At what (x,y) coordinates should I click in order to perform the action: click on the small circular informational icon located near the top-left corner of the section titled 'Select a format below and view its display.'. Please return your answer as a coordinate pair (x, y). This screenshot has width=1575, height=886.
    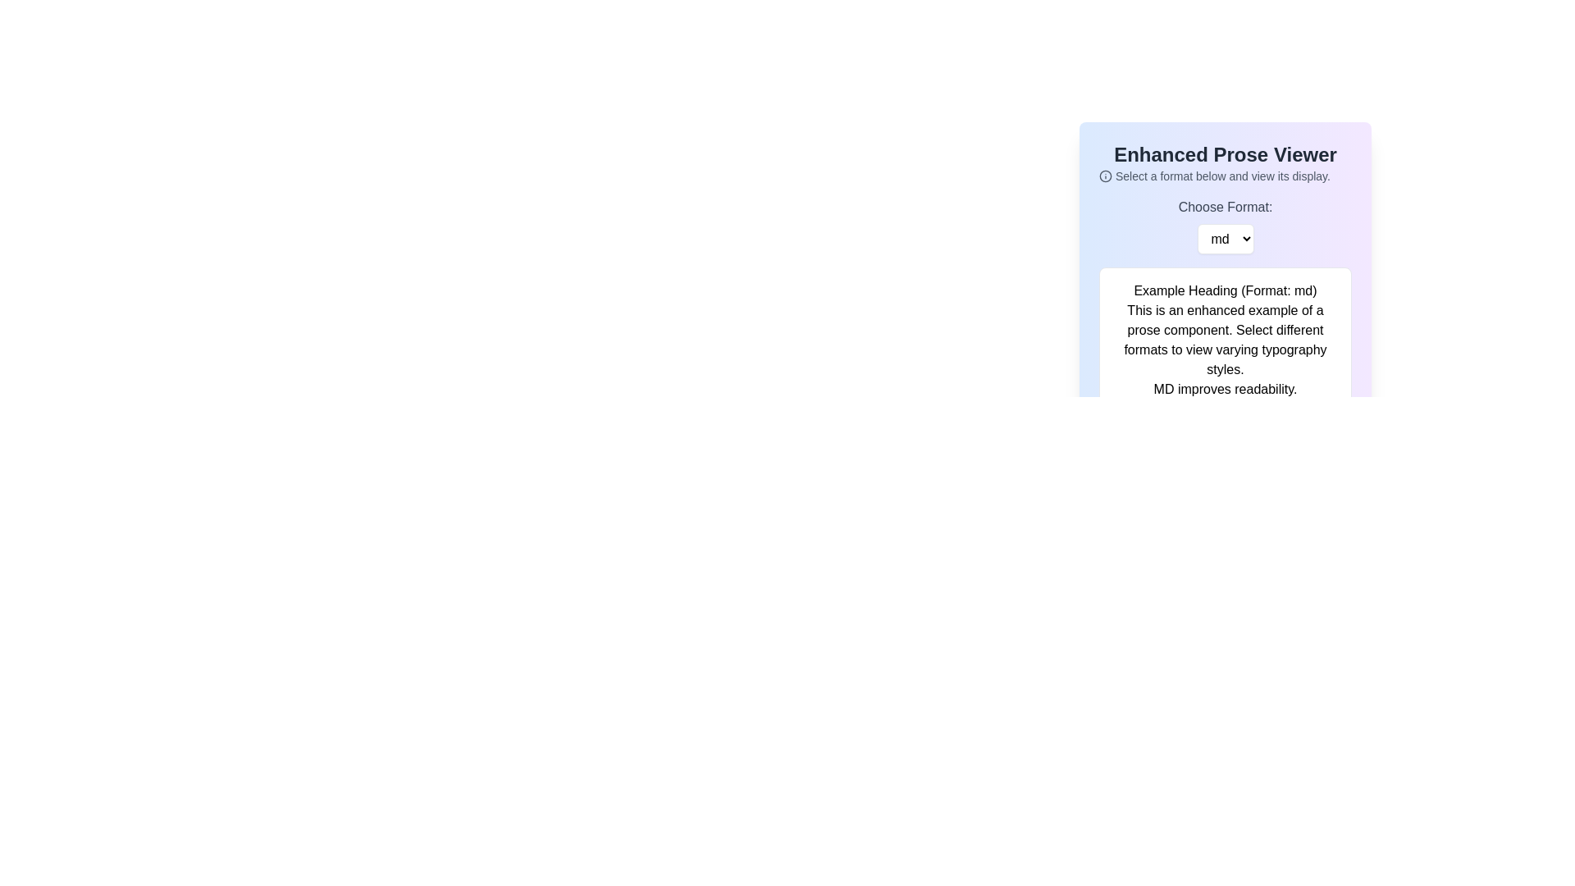
    Looking at the image, I should click on (1106, 176).